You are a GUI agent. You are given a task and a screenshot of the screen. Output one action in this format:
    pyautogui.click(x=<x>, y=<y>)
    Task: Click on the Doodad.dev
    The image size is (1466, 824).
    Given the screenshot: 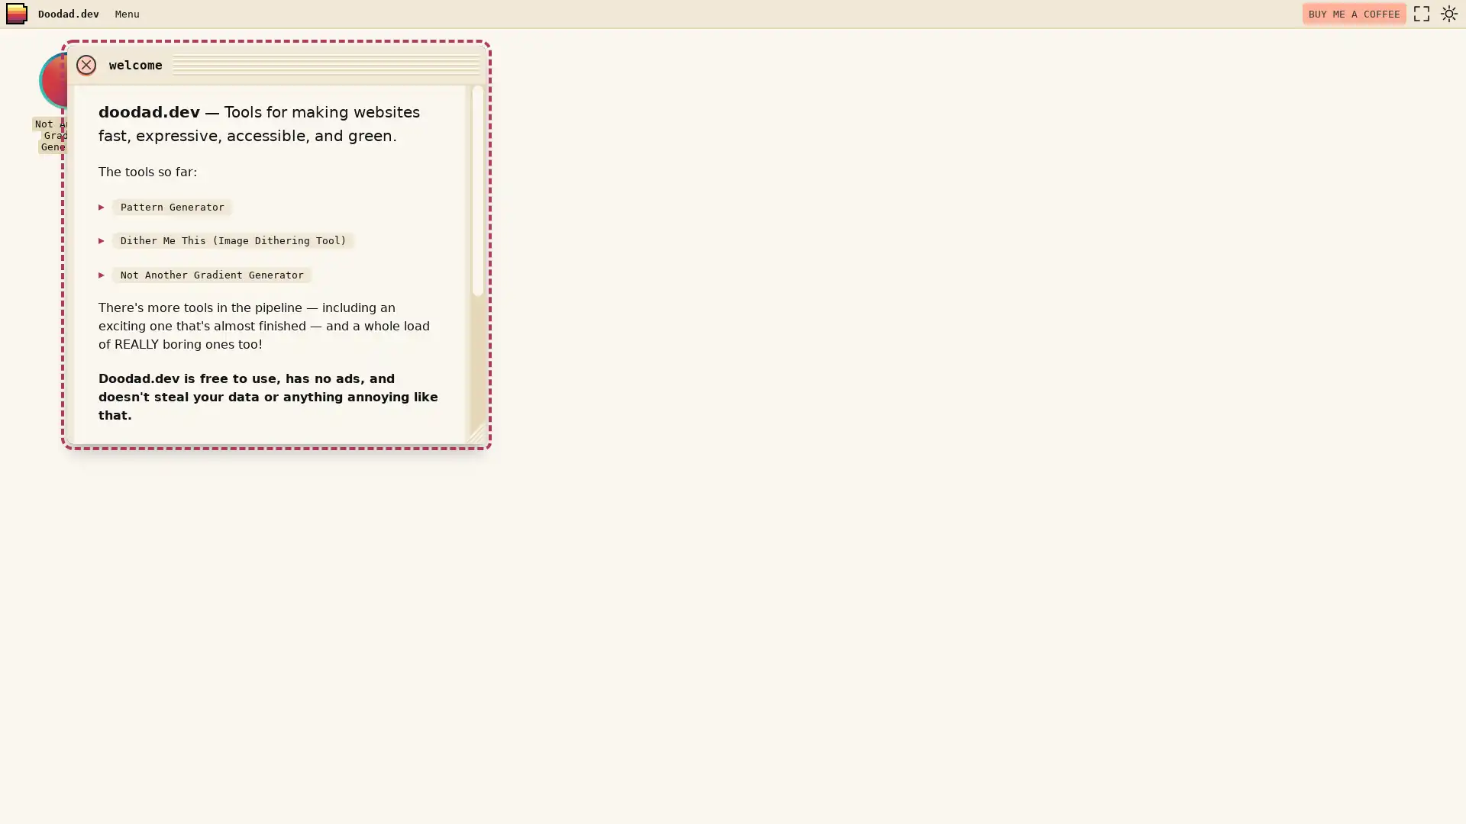 What is the action you would take?
    pyautogui.click(x=68, y=14)
    